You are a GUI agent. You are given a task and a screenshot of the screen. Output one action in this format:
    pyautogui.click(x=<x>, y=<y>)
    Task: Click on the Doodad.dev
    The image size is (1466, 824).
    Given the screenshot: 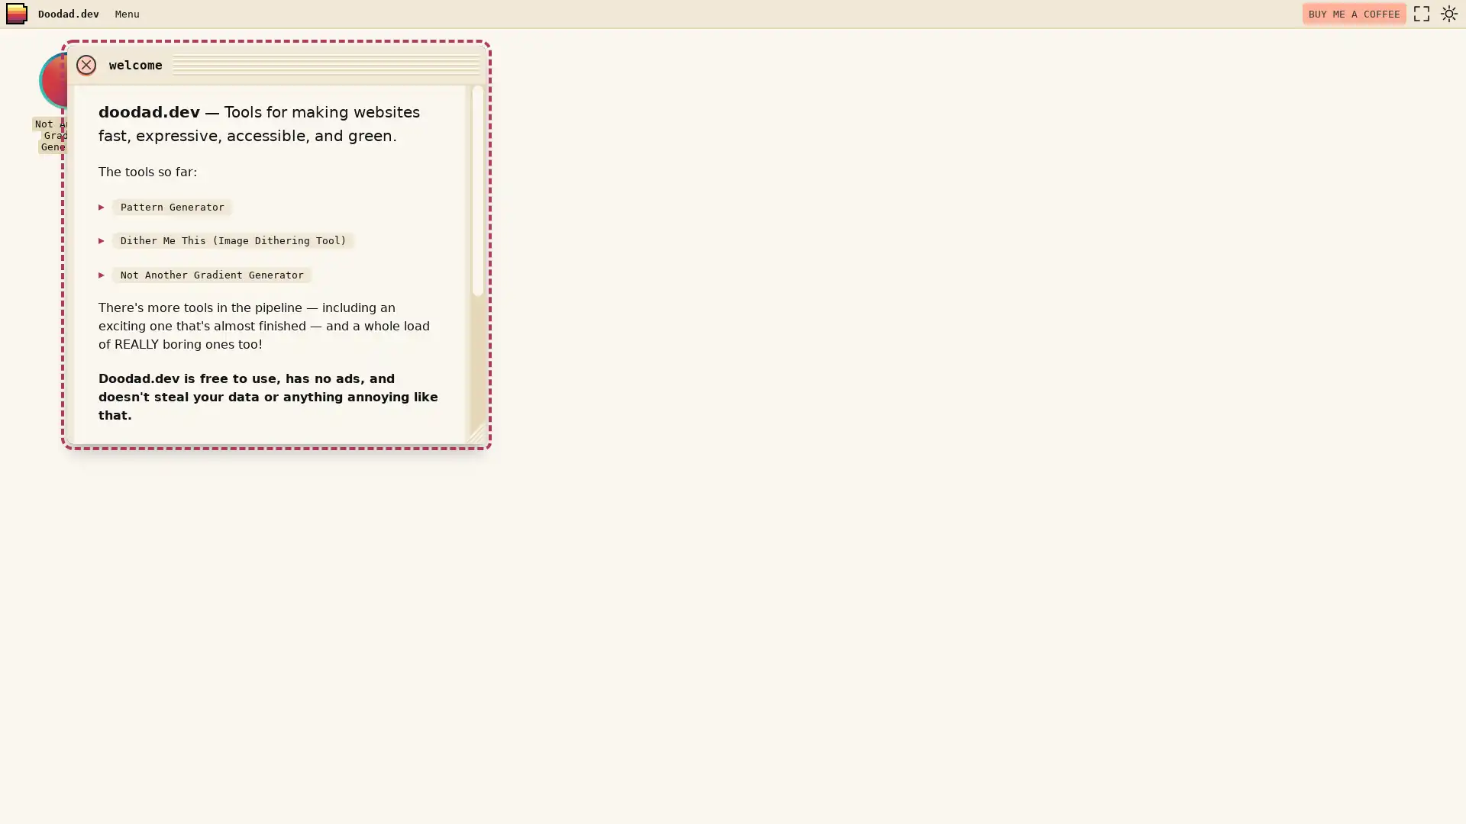 What is the action you would take?
    pyautogui.click(x=68, y=14)
    